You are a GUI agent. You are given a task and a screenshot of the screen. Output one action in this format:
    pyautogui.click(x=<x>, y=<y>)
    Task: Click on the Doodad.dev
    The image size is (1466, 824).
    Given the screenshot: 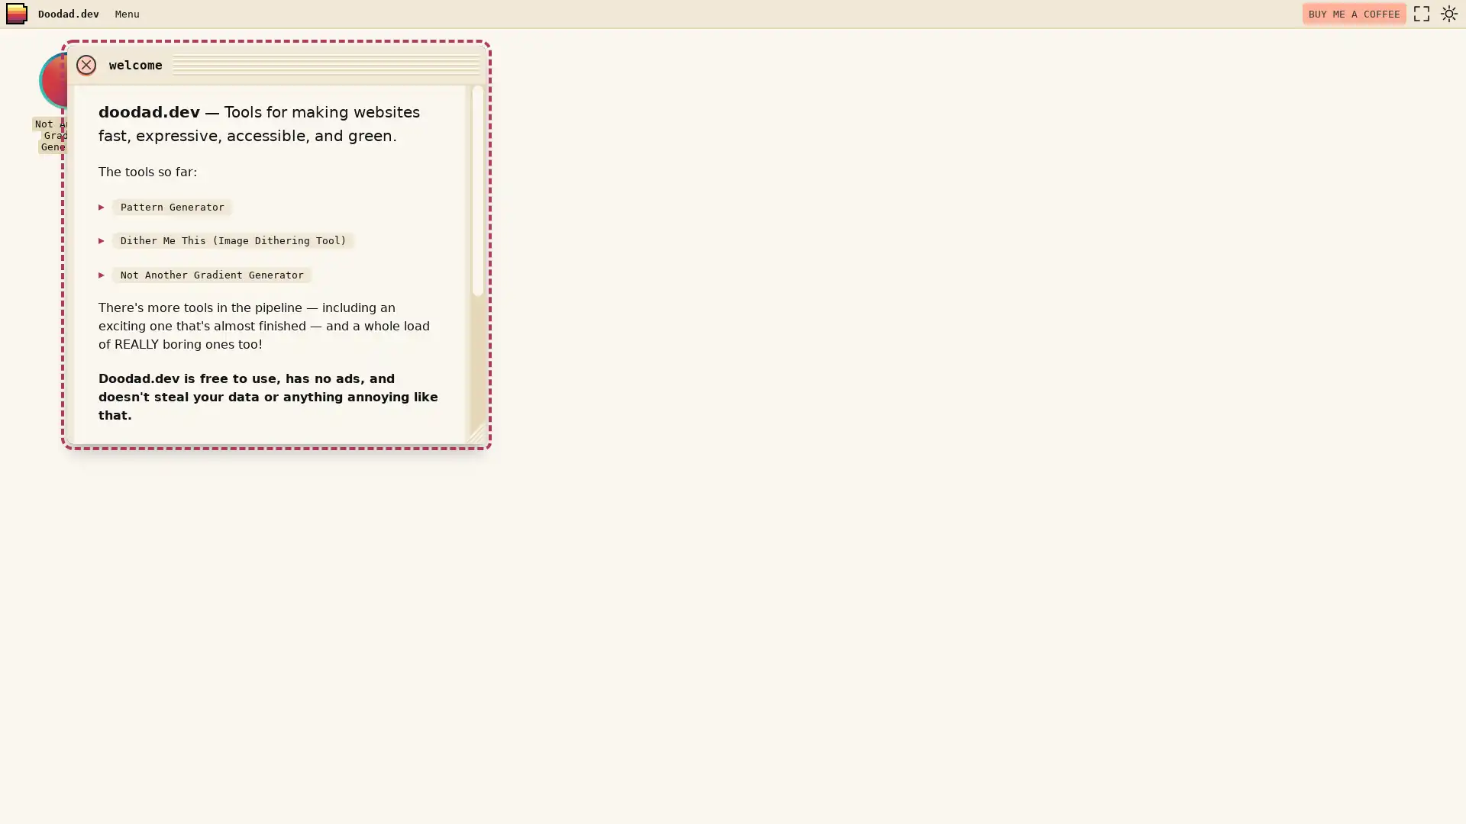 What is the action you would take?
    pyautogui.click(x=68, y=14)
    